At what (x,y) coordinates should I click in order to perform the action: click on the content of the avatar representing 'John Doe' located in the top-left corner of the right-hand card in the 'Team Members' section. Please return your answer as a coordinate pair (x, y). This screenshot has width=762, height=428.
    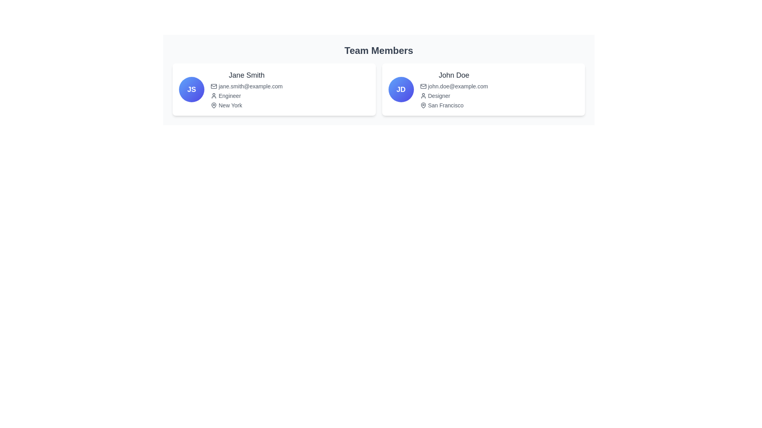
    Looking at the image, I should click on (401, 89).